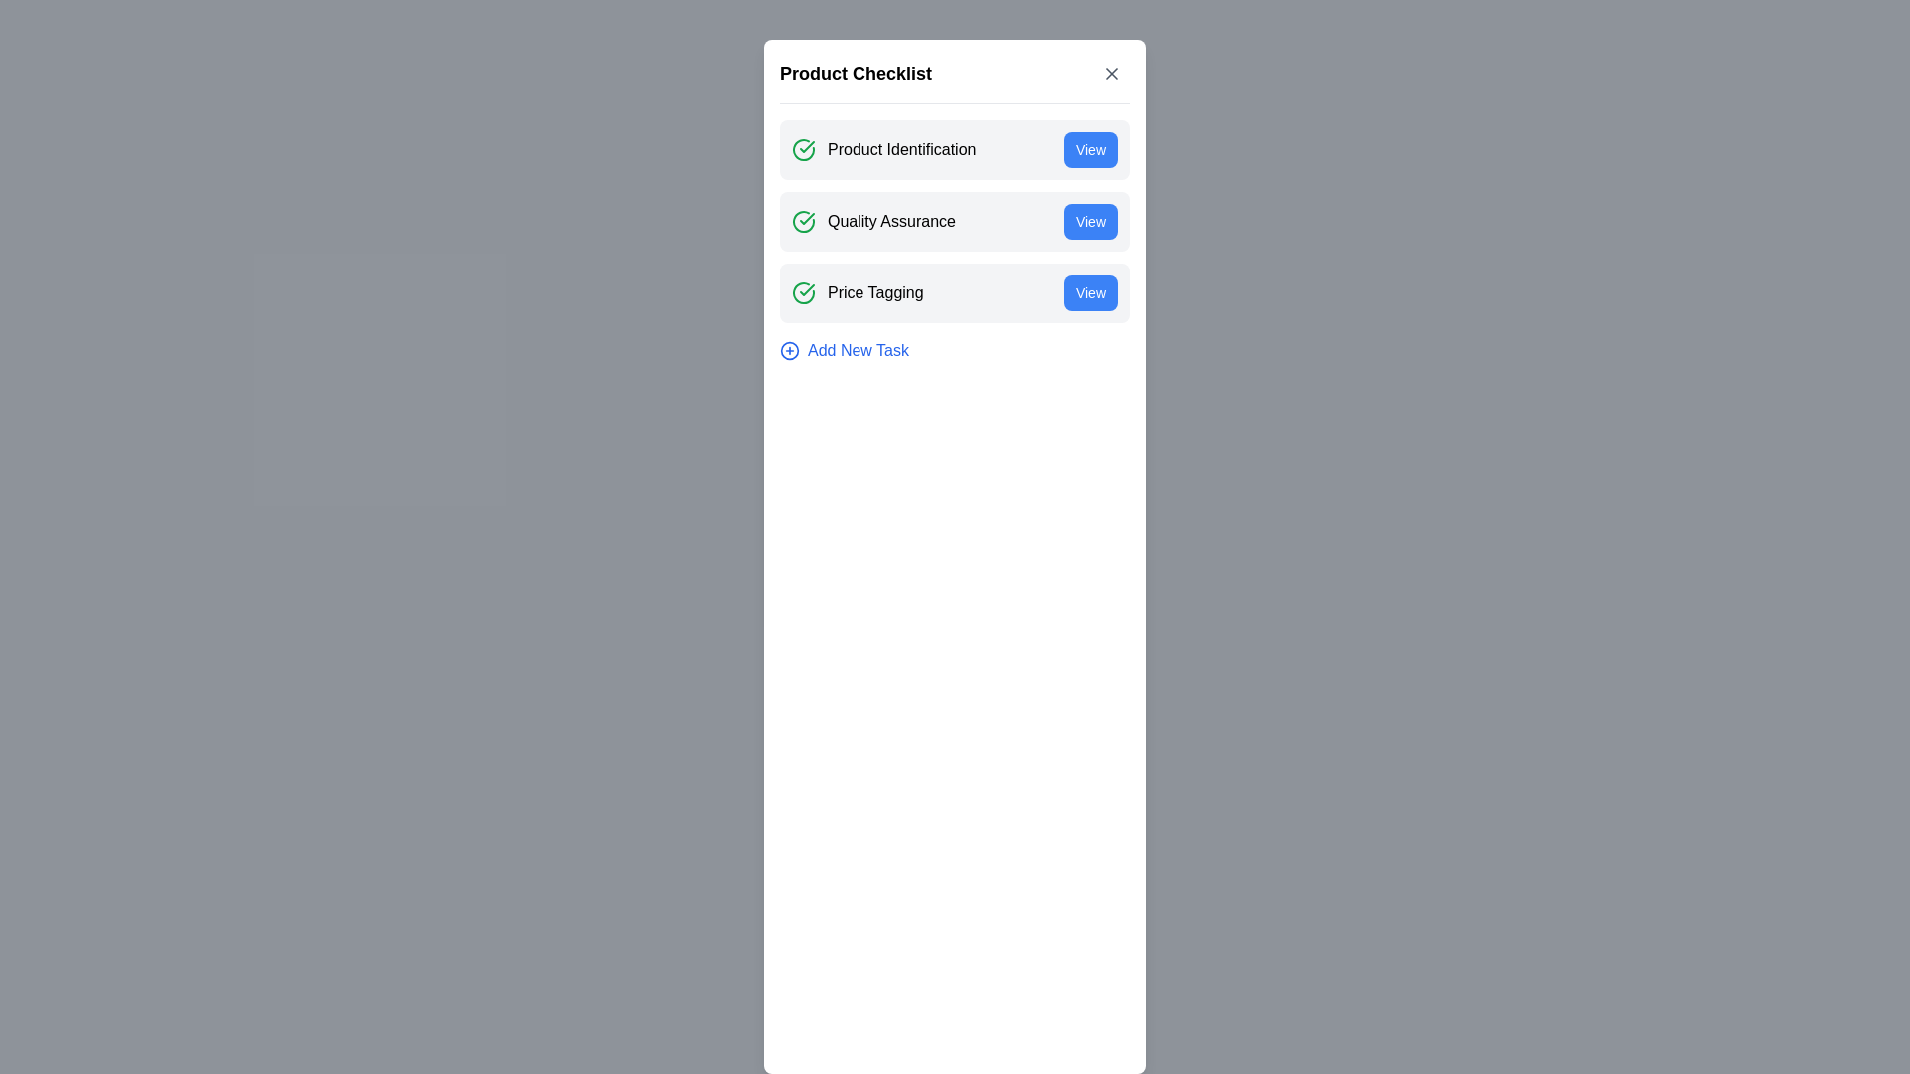  Describe the element at coordinates (1088, 222) in the screenshot. I see `the 'View' button with a blue background located in the second row of the 'Product Checklist' card, adjacent to 'Quality Assurance', to initiate the action` at that location.